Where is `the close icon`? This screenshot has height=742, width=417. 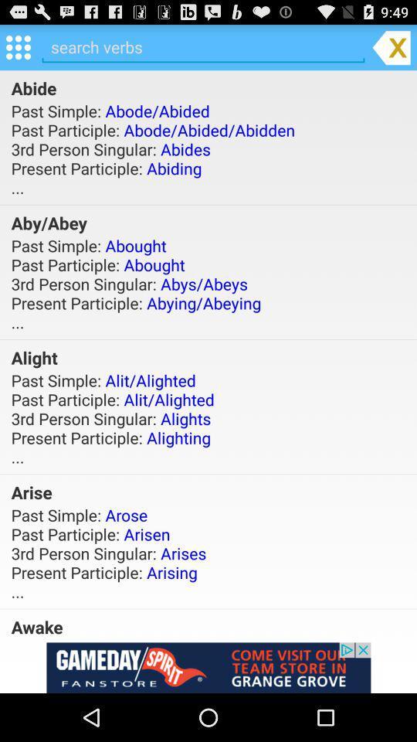
the close icon is located at coordinates (392, 50).